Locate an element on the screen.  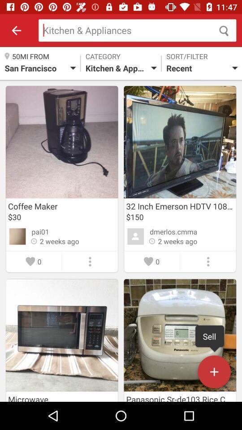
item above 2 weeks ago icon is located at coordinates (40, 231).